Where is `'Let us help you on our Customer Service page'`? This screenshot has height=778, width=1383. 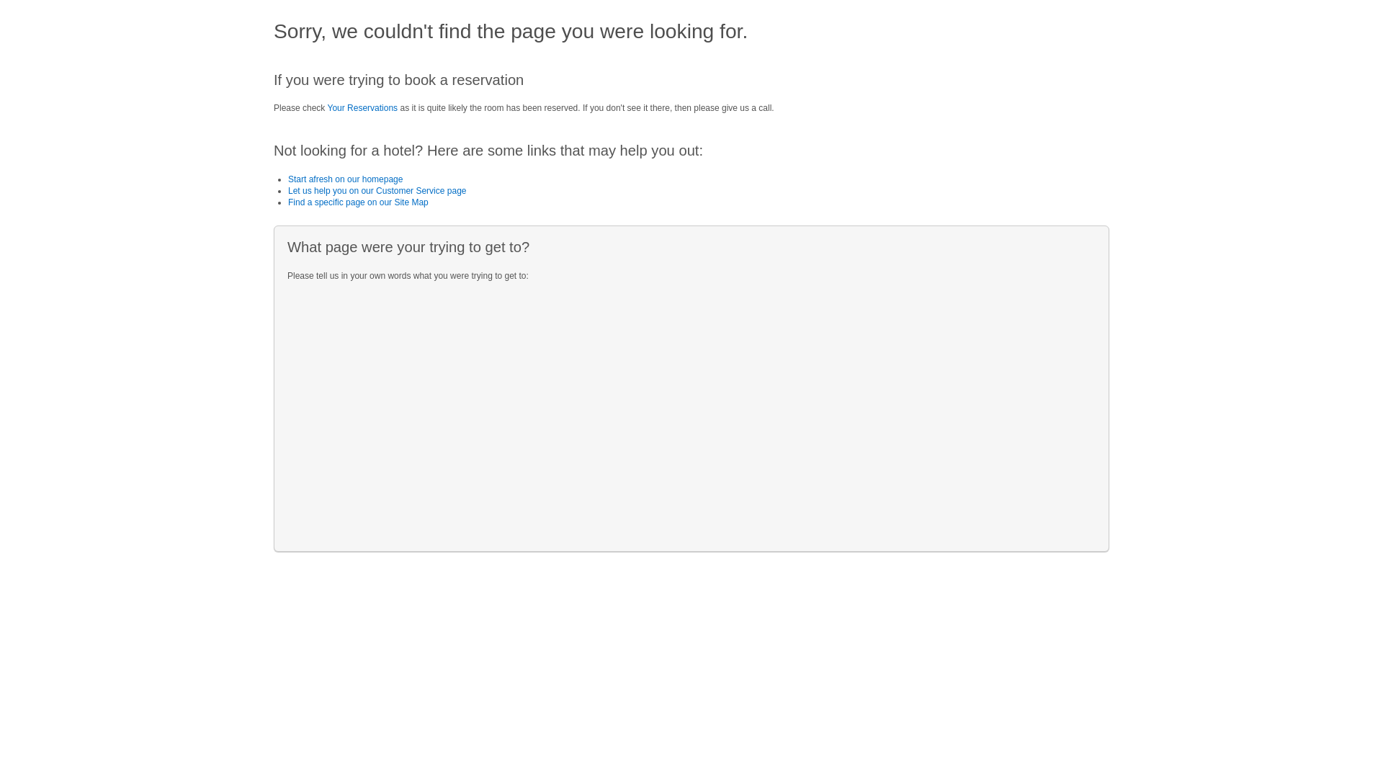 'Let us help you on our Customer Service page' is located at coordinates (377, 190).